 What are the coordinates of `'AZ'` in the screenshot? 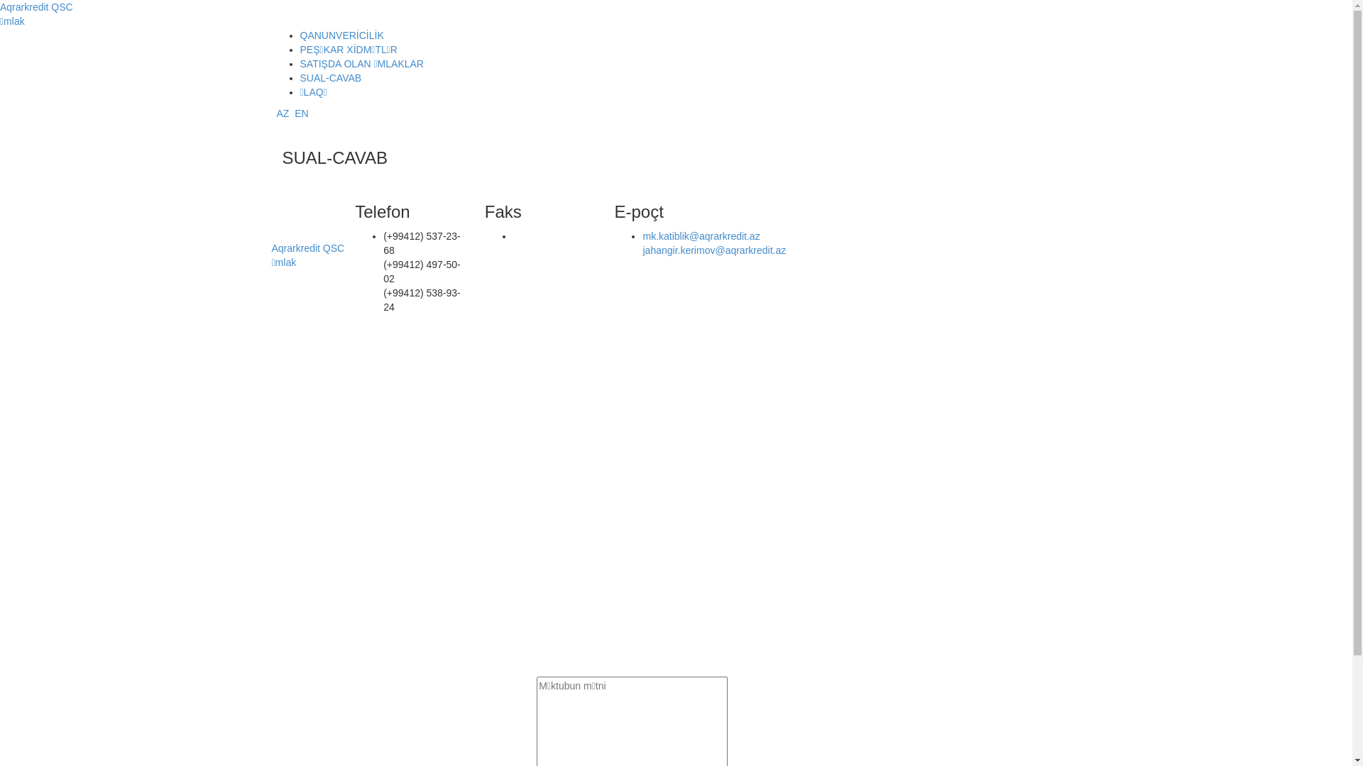 It's located at (283, 112).